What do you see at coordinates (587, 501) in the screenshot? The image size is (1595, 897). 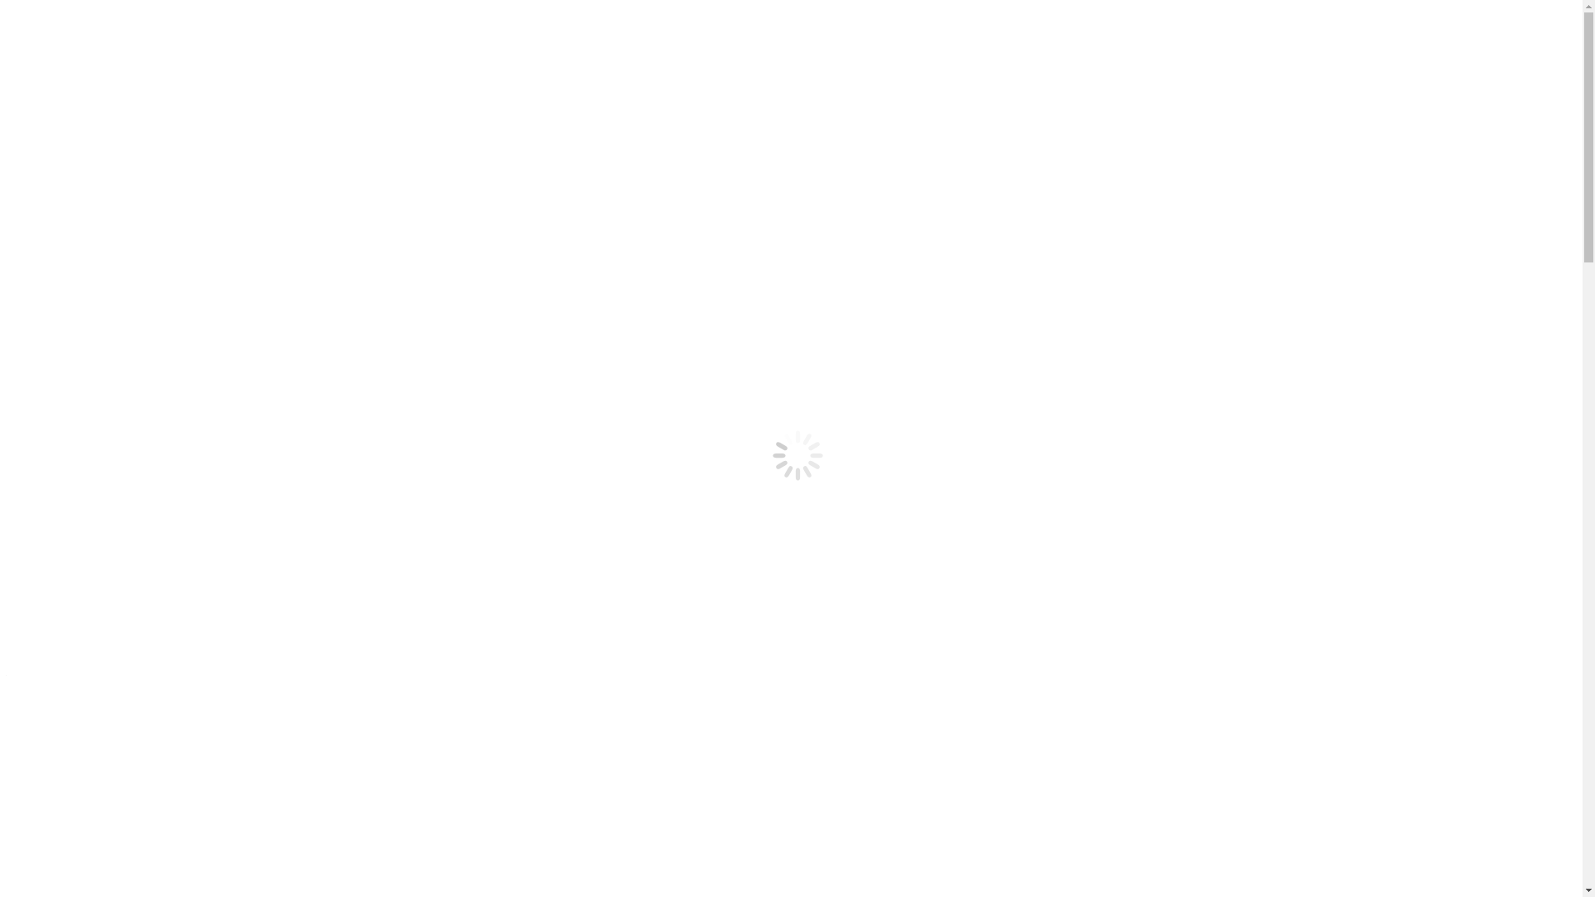 I see `'Untitled-21231.jpg'` at bounding box center [587, 501].